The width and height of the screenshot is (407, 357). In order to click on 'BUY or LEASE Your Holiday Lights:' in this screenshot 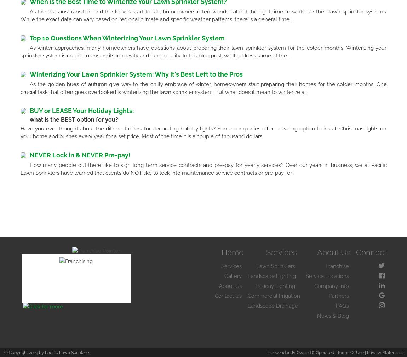, I will do `click(81, 110)`.